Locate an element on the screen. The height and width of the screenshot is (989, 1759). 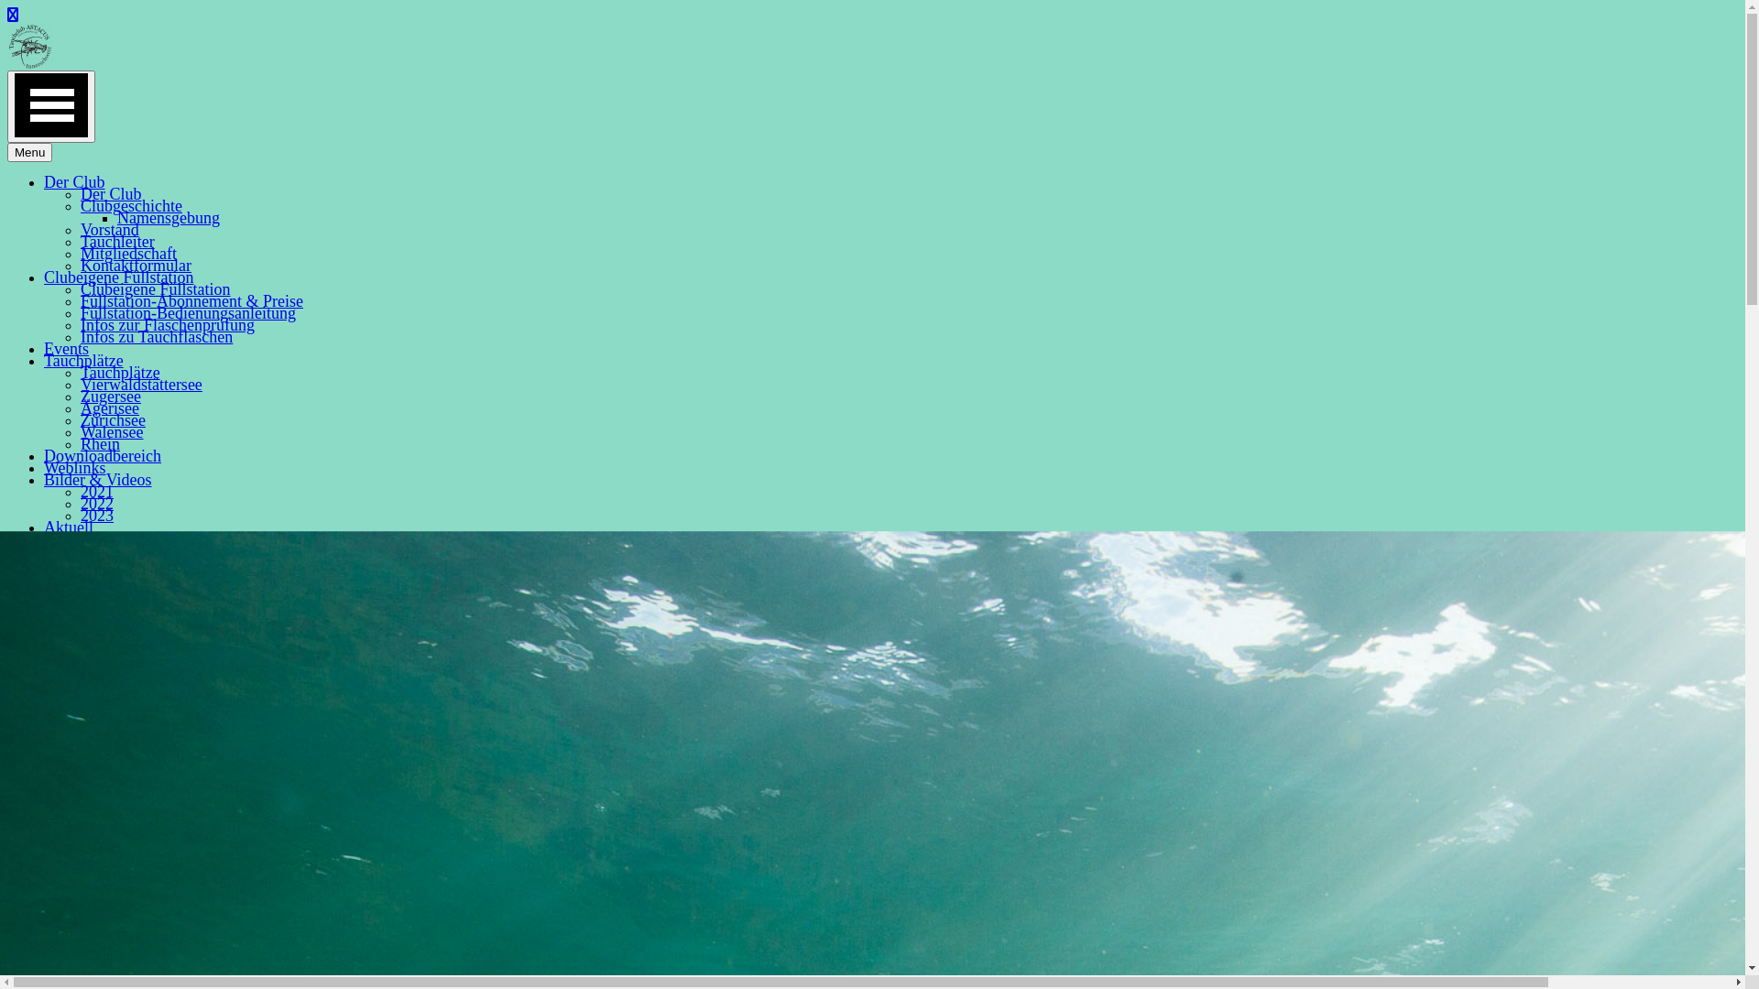
'Menu' is located at coordinates (29, 151).